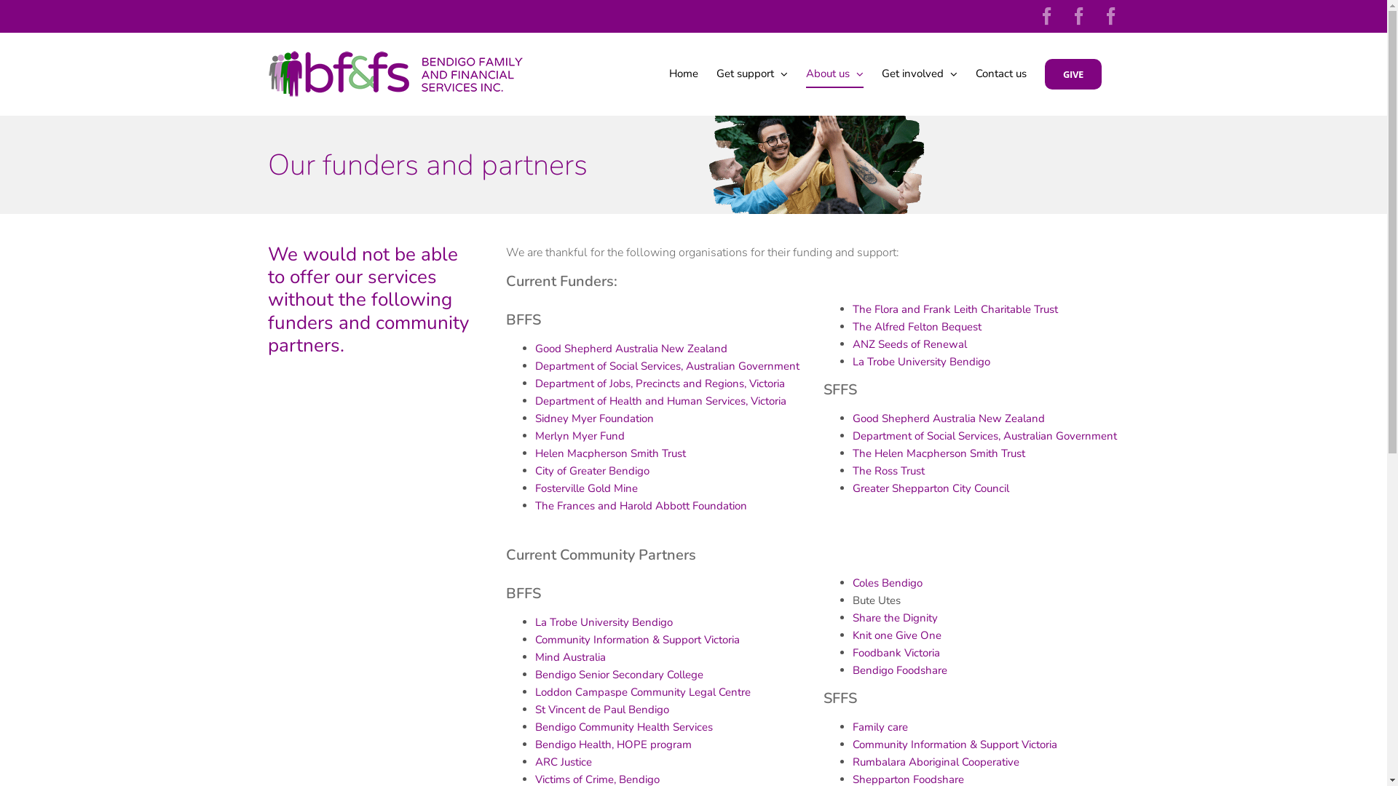 The image size is (1398, 786). I want to click on 'Get involved', so click(918, 74).